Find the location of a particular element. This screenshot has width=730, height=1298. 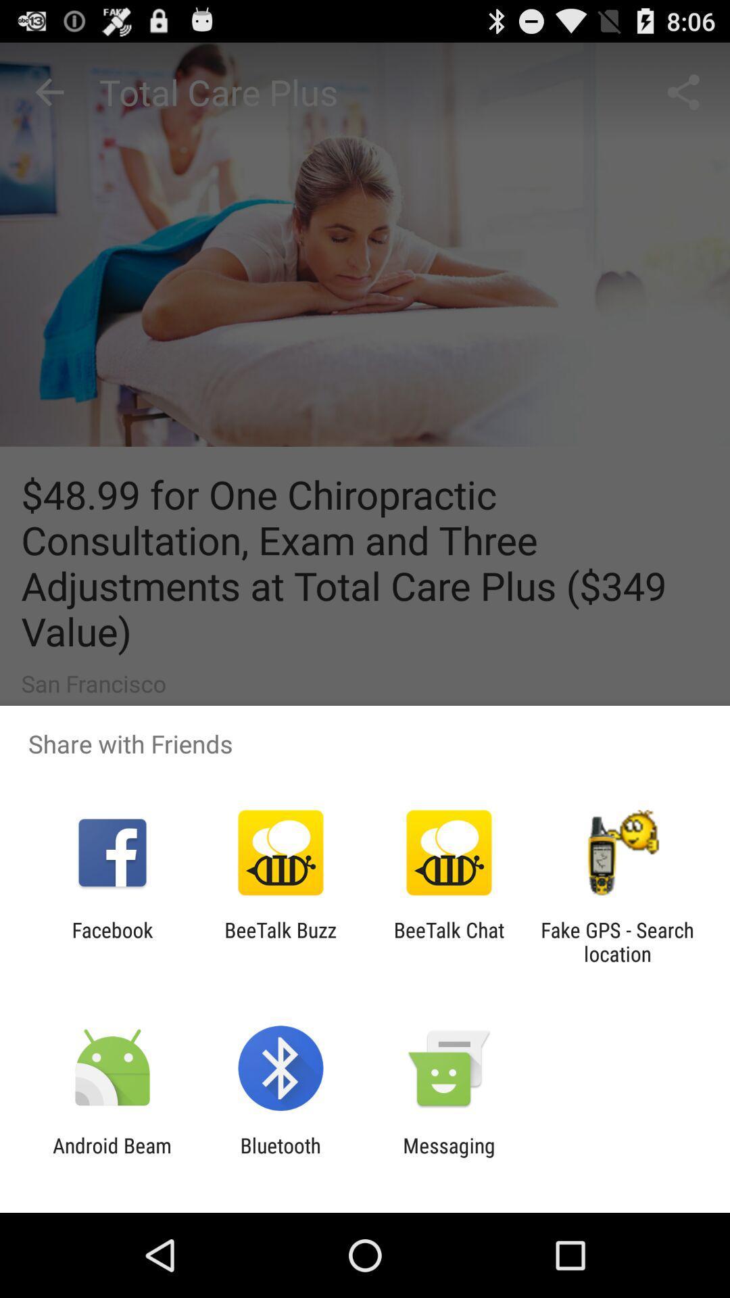

the icon next to the beetalk buzz is located at coordinates (449, 941).